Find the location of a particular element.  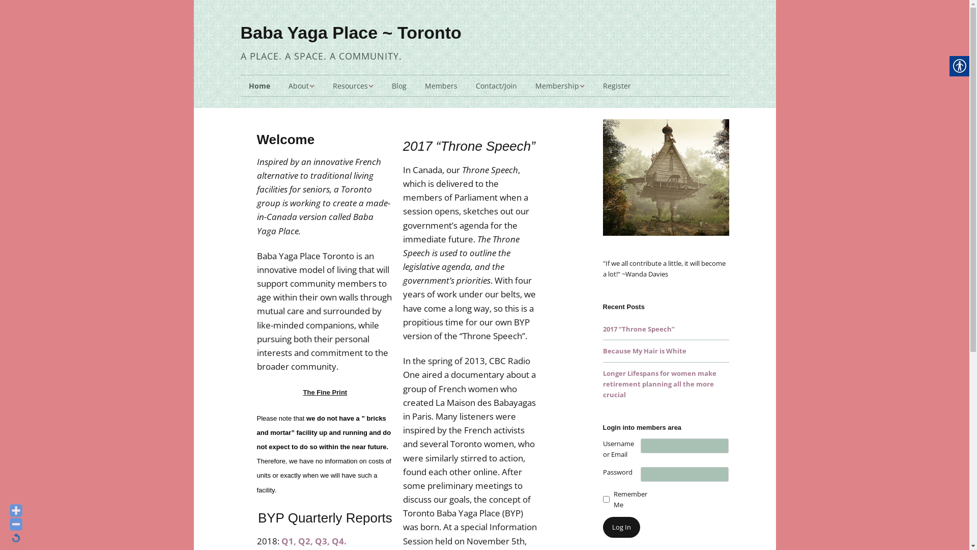

'Decrease font size' is located at coordinates (16, 524).